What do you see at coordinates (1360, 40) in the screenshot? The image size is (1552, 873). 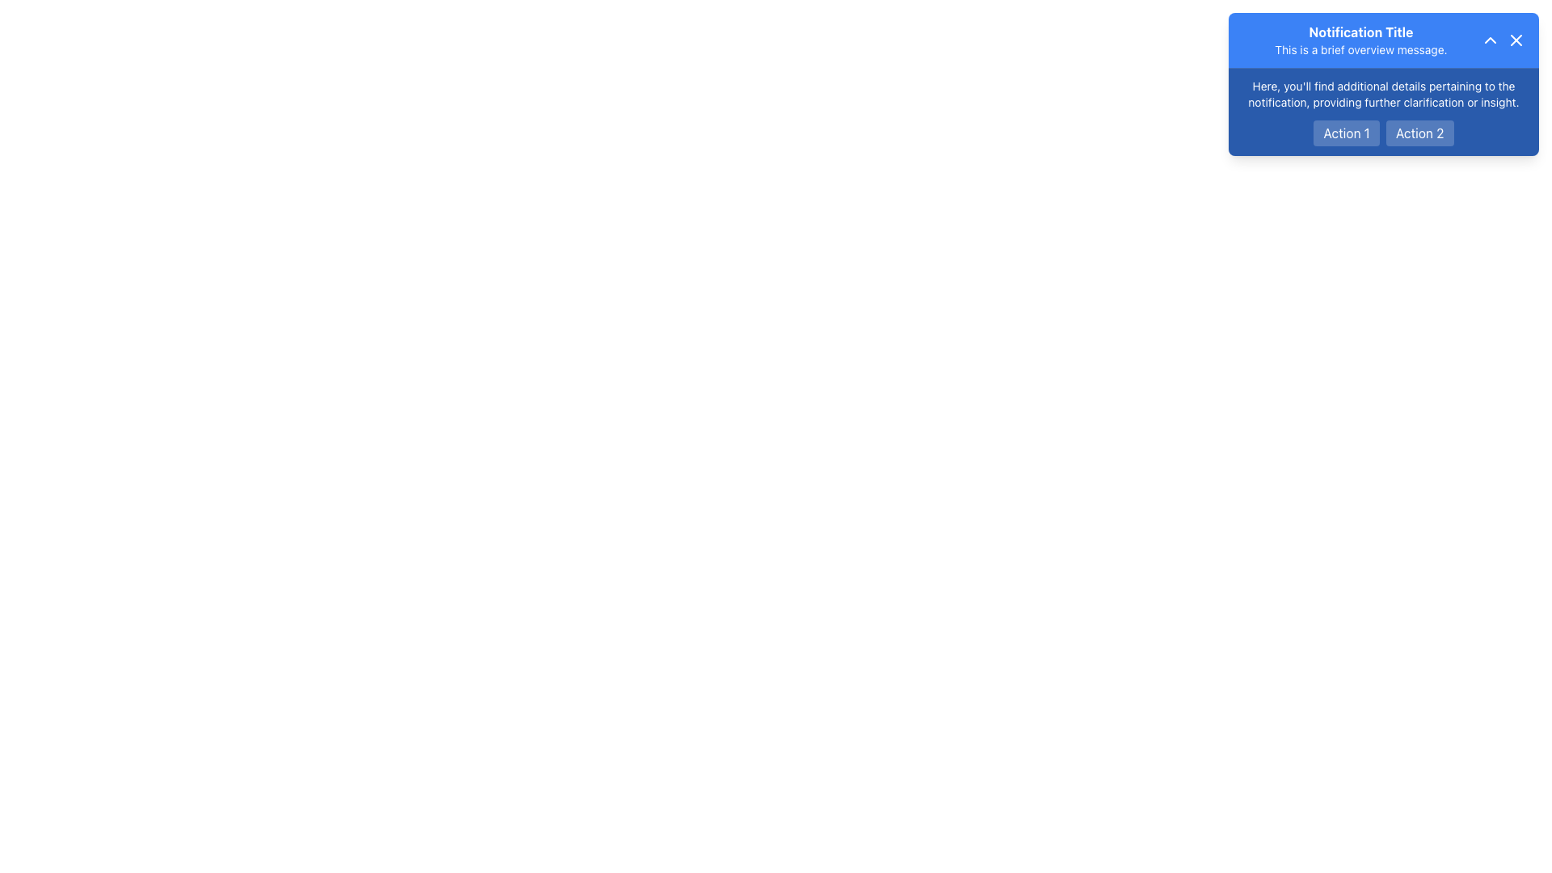 I see `the text box displaying 'Notification Title' and 'This is a brief overview message.' at the top of the blue notification panel` at bounding box center [1360, 40].